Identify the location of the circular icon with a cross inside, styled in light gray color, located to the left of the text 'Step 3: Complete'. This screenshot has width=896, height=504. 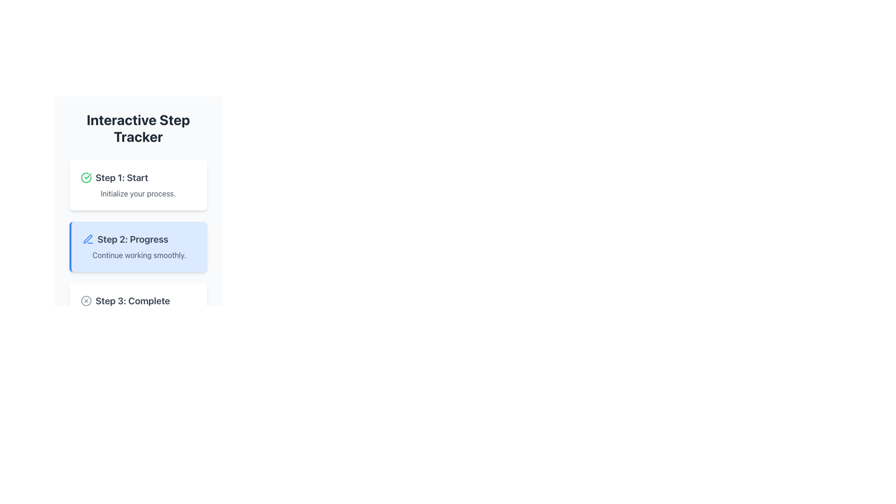
(86, 301).